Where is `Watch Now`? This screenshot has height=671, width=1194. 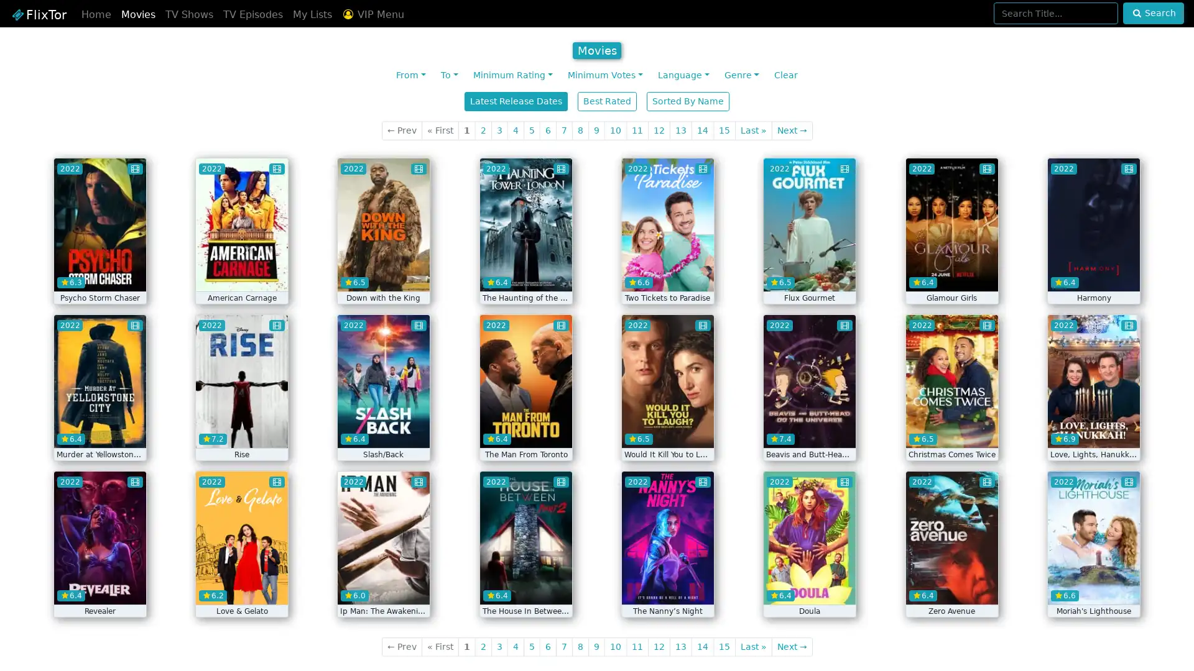
Watch Now is located at coordinates (98, 272).